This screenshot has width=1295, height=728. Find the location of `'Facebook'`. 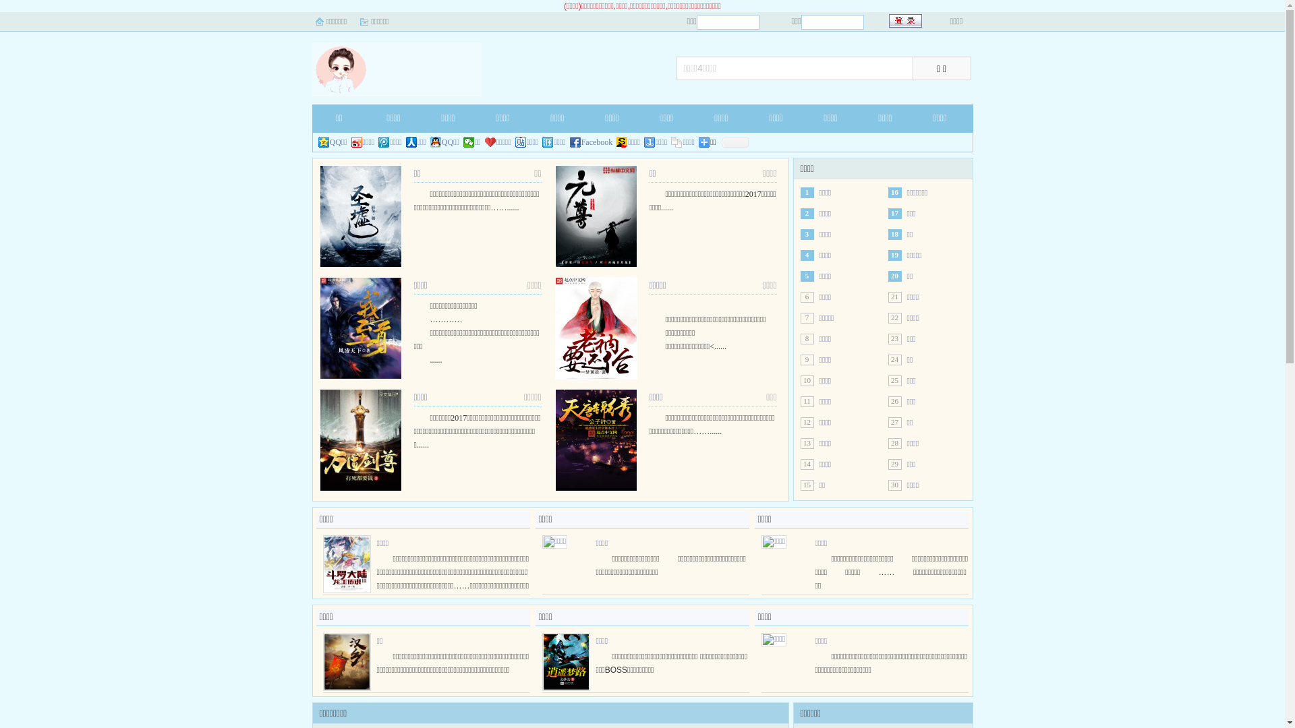

'Facebook' is located at coordinates (592, 142).